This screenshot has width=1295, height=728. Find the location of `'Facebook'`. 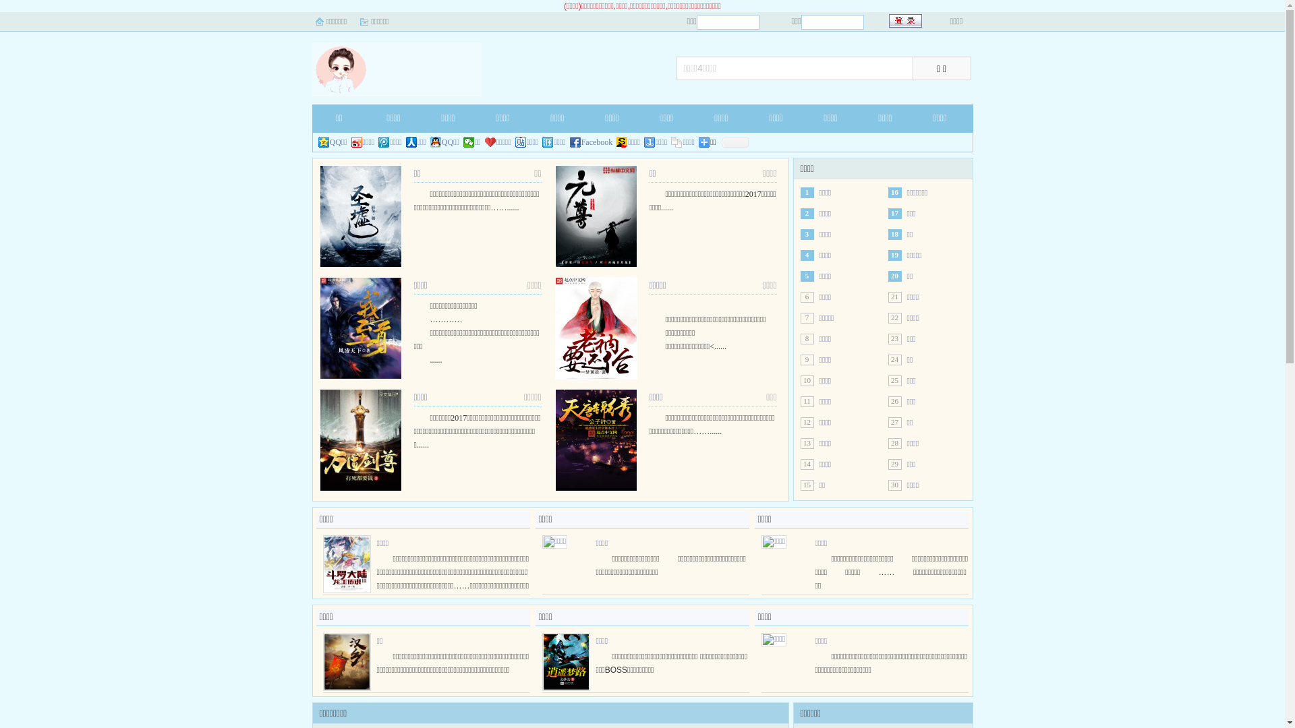

'Facebook' is located at coordinates (592, 142).